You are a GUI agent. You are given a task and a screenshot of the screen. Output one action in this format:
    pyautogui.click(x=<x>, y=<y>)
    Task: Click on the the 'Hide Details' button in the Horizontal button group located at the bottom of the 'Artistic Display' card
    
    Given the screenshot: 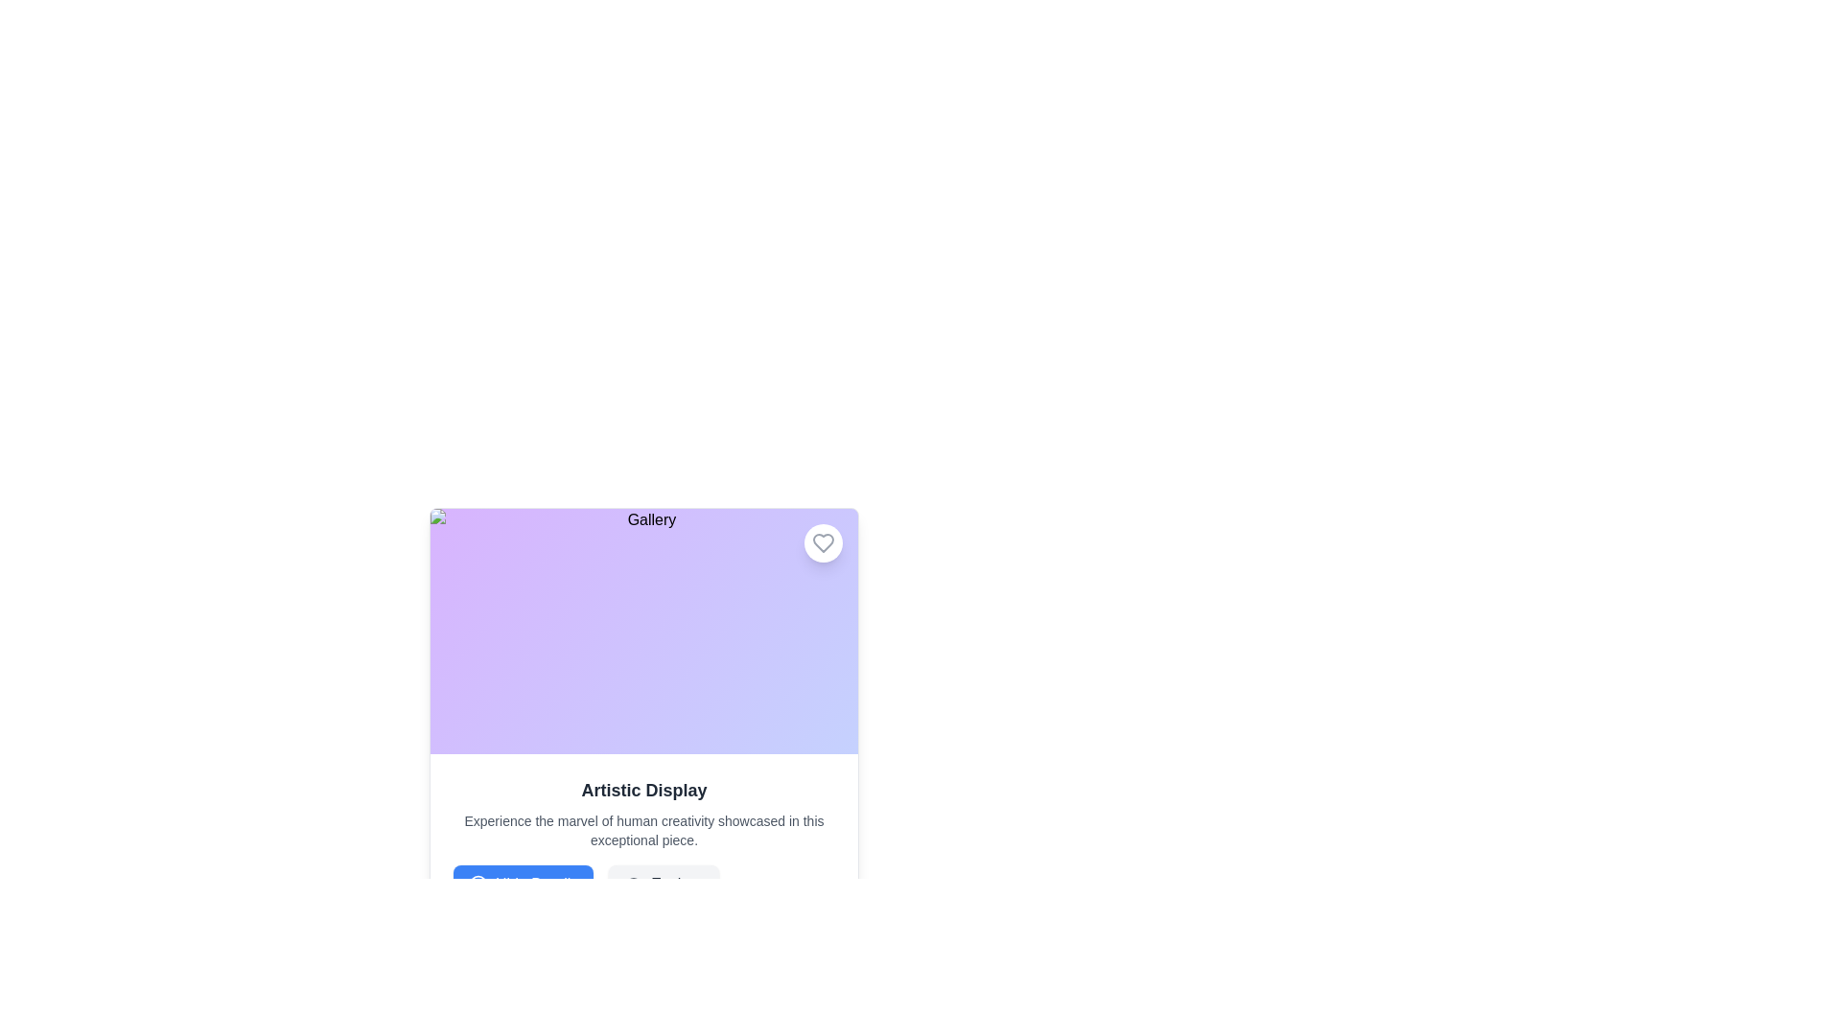 What is the action you would take?
    pyautogui.click(x=644, y=884)
    